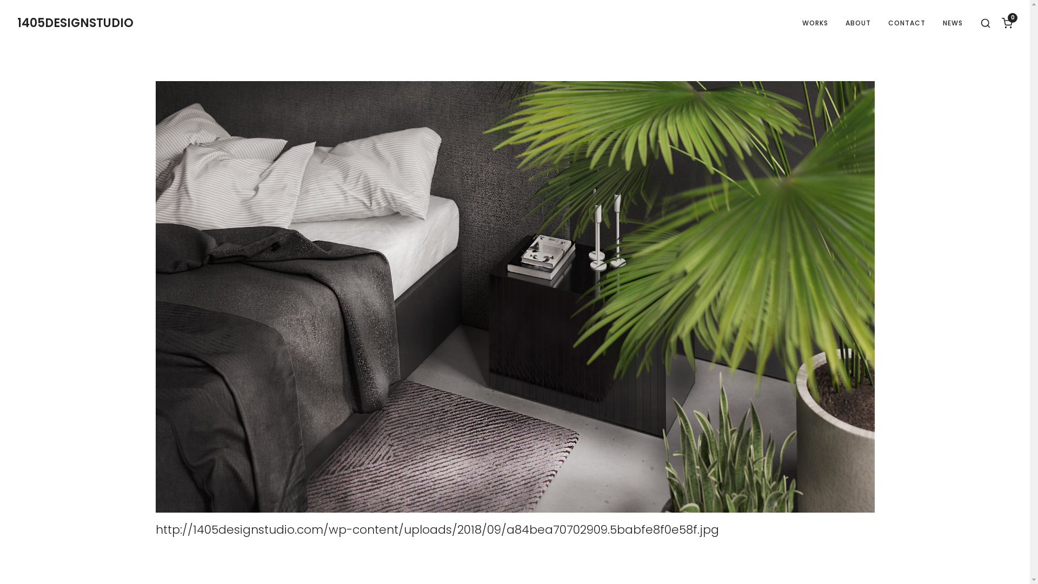  Describe the element at coordinates (953, 23) in the screenshot. I see `'NEWS'` at that location.